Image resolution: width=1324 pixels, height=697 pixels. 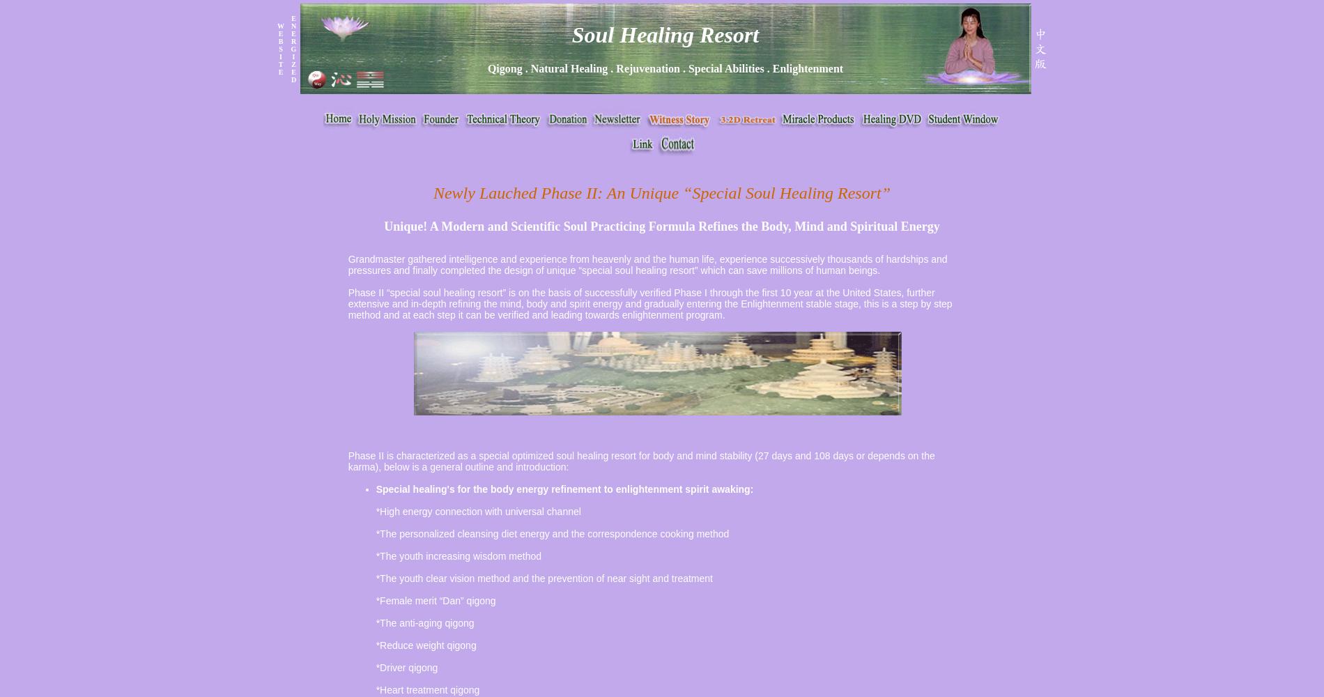 What do you see at coordinates (661, 193) in the screenshot?
I see `'Newly Lauched Phase II: An Unique “Special Soul Healing Resort”'` at bounding box center [661, 193].